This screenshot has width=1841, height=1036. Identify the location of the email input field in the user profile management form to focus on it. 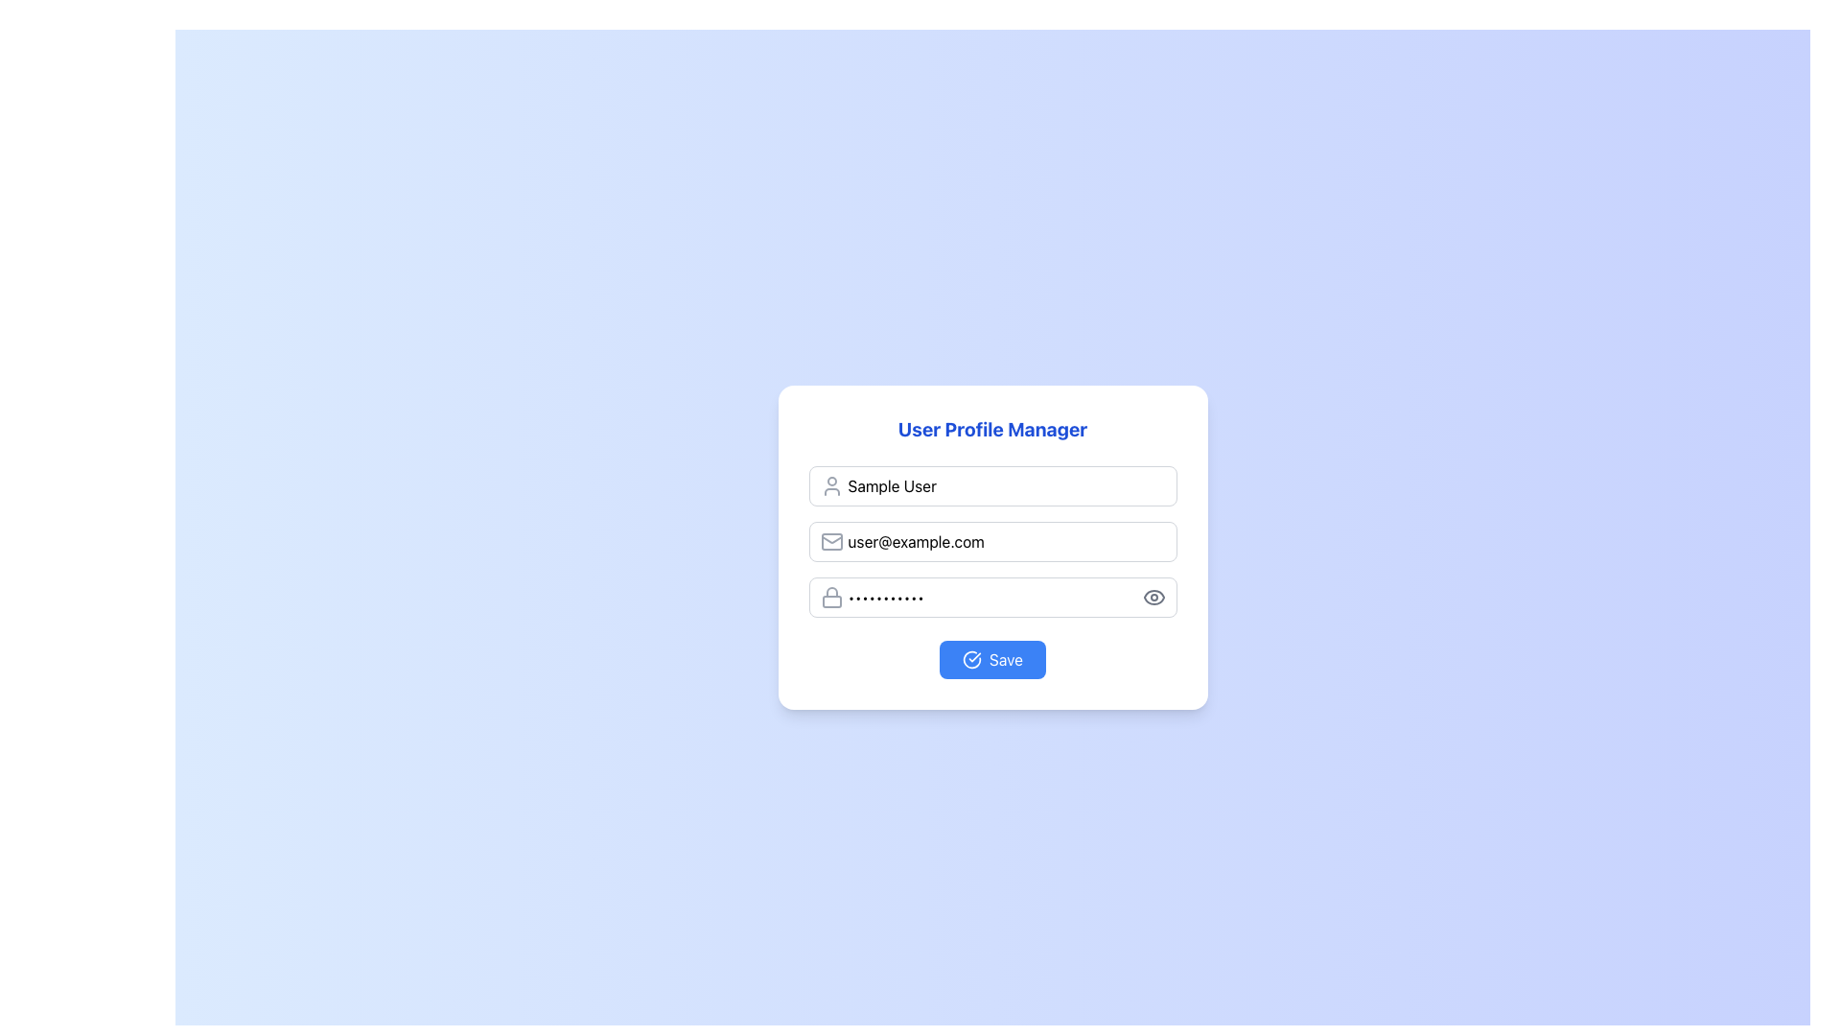
(992, 541).